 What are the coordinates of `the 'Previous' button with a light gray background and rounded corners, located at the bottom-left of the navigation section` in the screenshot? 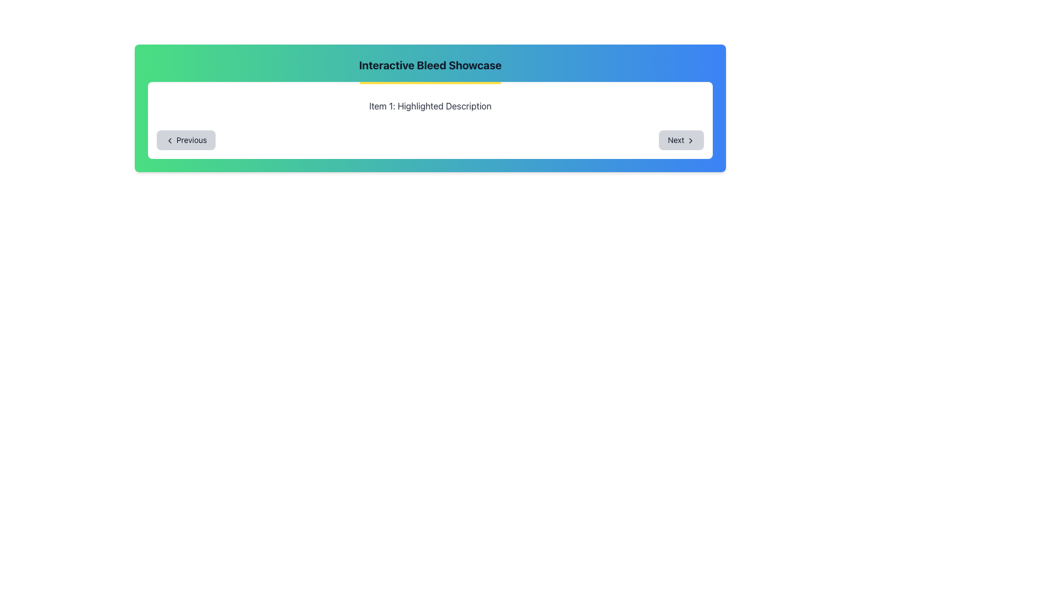 It's located at (186, 139).